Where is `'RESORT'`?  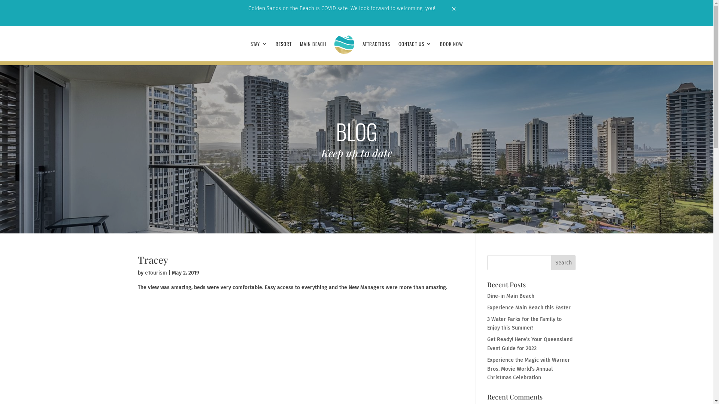
'RESORT' is located at coordinates (283, 51).